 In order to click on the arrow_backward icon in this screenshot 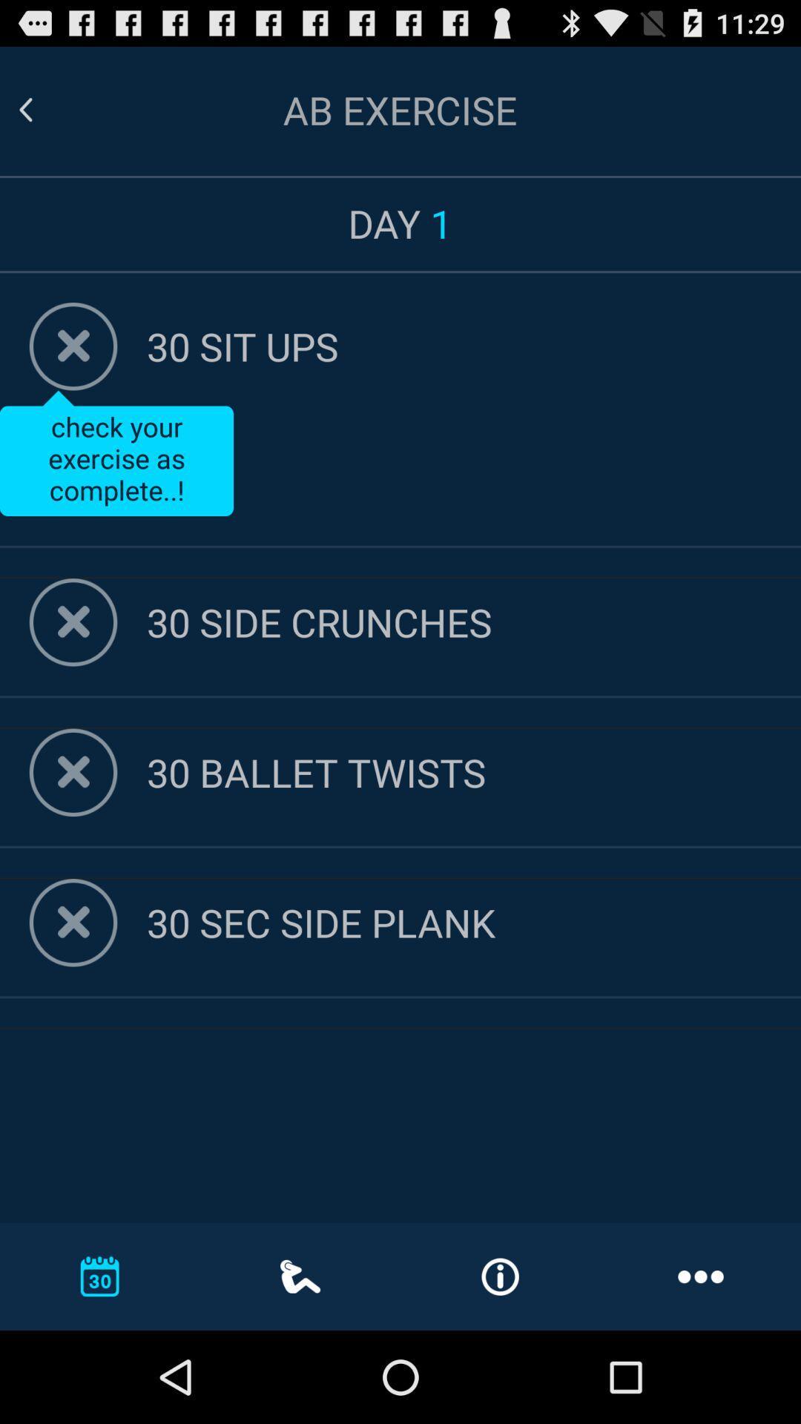, I will do `click(43, 116)`.